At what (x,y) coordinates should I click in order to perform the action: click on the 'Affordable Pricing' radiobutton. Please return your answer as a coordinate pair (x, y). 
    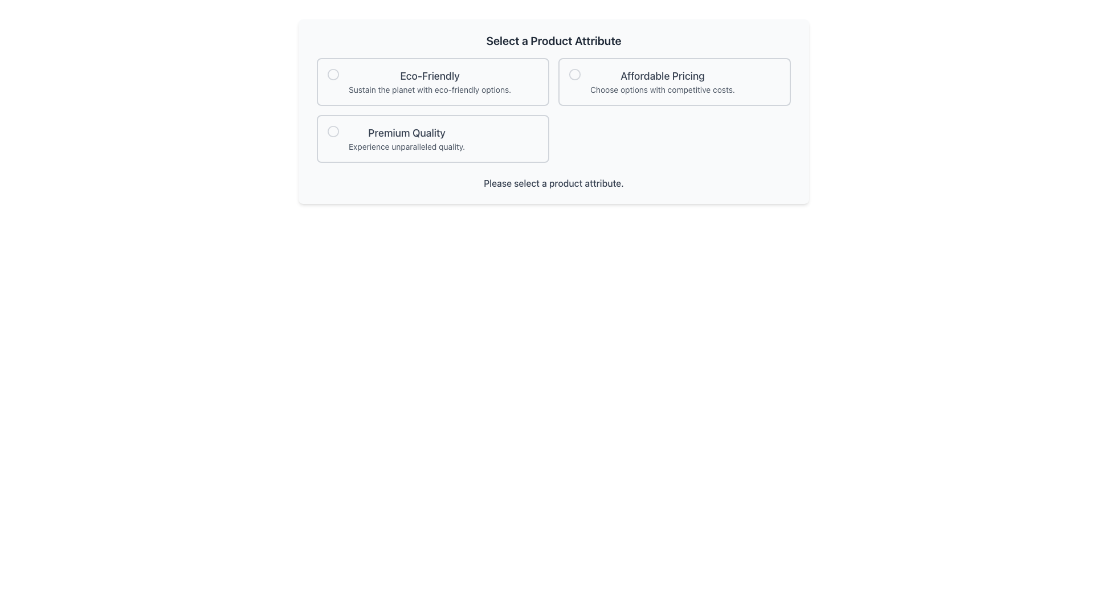
    Looking at the image, I should click on (574, 75).